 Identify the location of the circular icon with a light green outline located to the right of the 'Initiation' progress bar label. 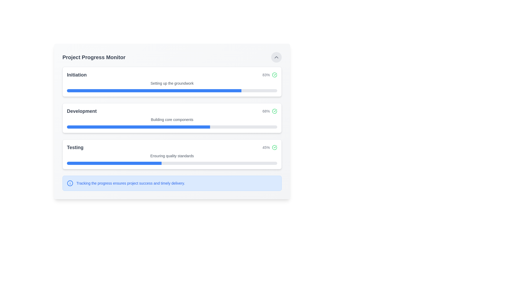
(274, 75).